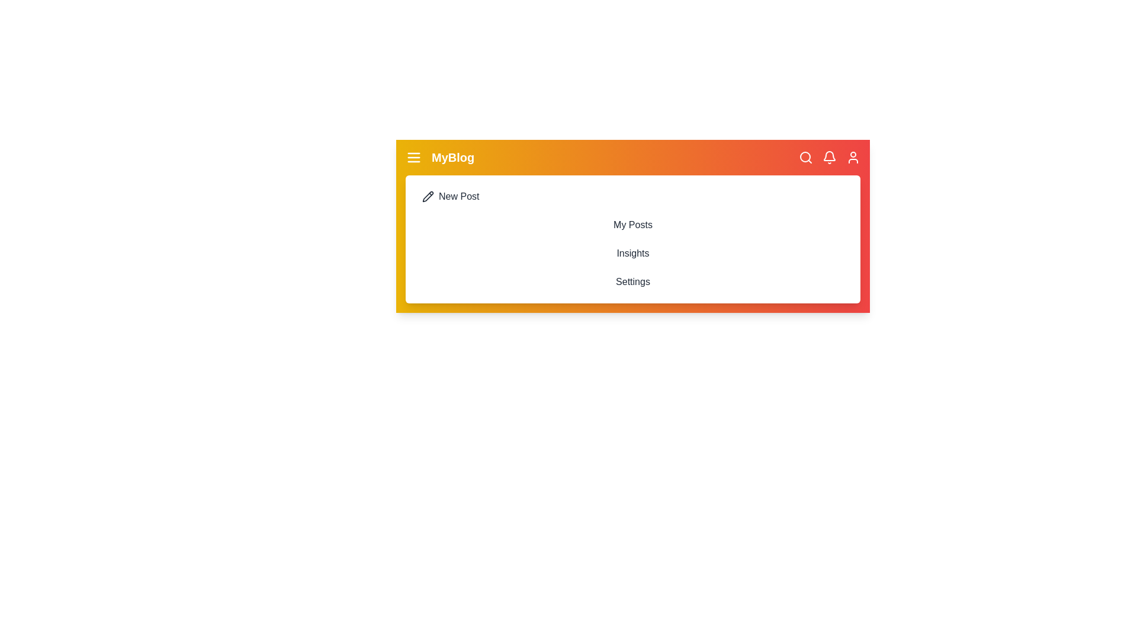 This screenshot has width=1137, height=640. What do you see at coordinates (632, 281) in the screenshot?
I see `the 'Settings' menu item` at bounding box center [632, 281].